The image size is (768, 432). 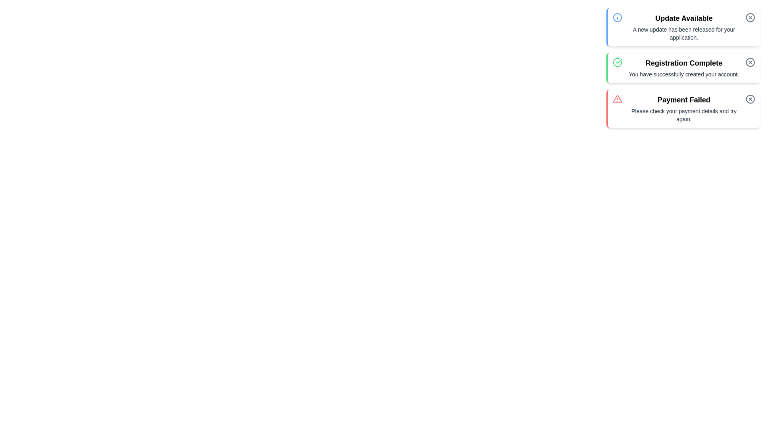 I want to click on the circular icon with a blue border and white interior, displaying a question mark symbol, located to the left of the 'Update Available' text in the notification card, so click(x=617, y=17).